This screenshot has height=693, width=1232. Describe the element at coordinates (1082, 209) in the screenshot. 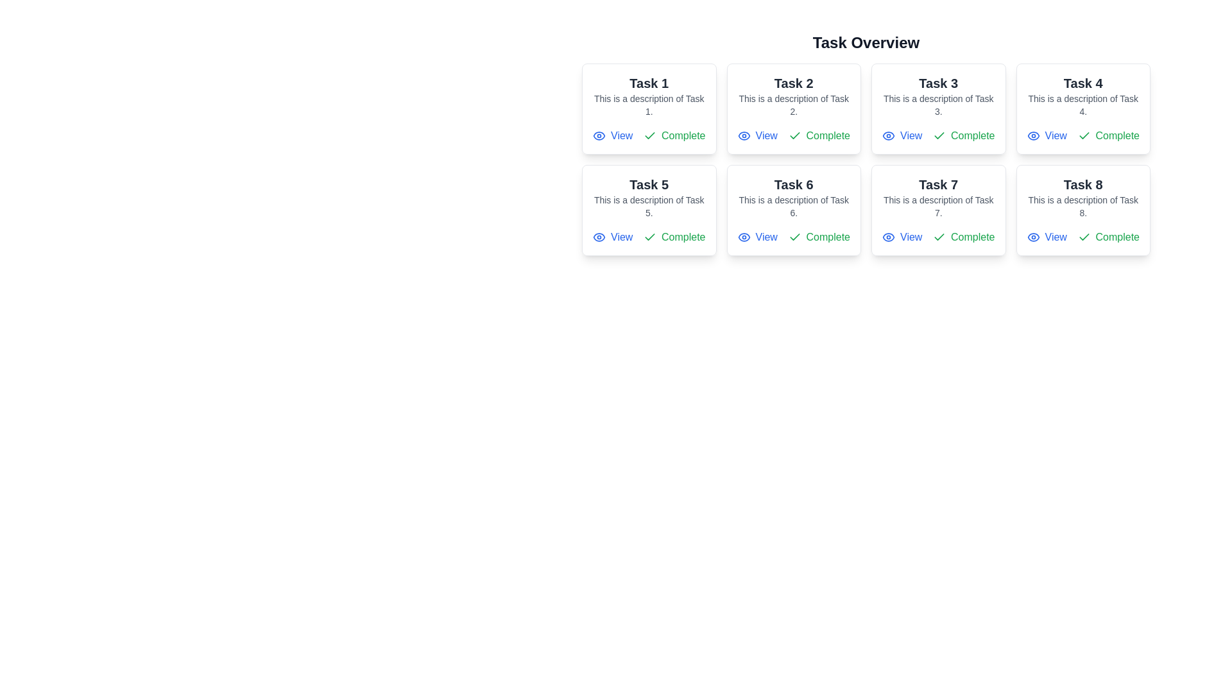

I see `the 'Complete' button on the last task card in the fourth column and second row of the grid to mark the task as done` at that location.